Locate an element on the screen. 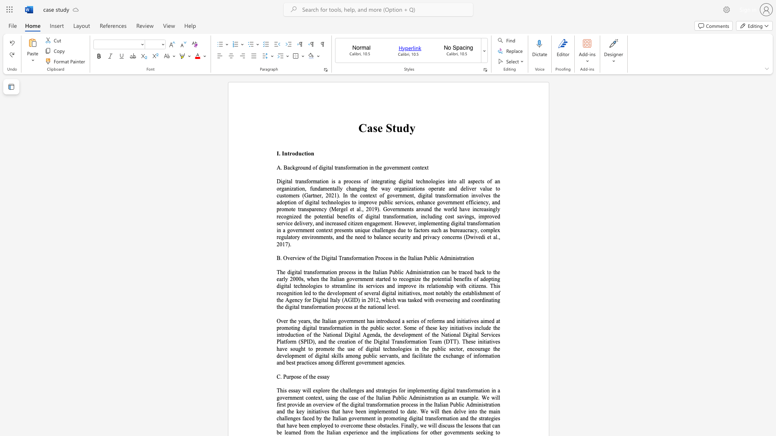  the 13th character "n" in the text is located at coordinates (362, 189).